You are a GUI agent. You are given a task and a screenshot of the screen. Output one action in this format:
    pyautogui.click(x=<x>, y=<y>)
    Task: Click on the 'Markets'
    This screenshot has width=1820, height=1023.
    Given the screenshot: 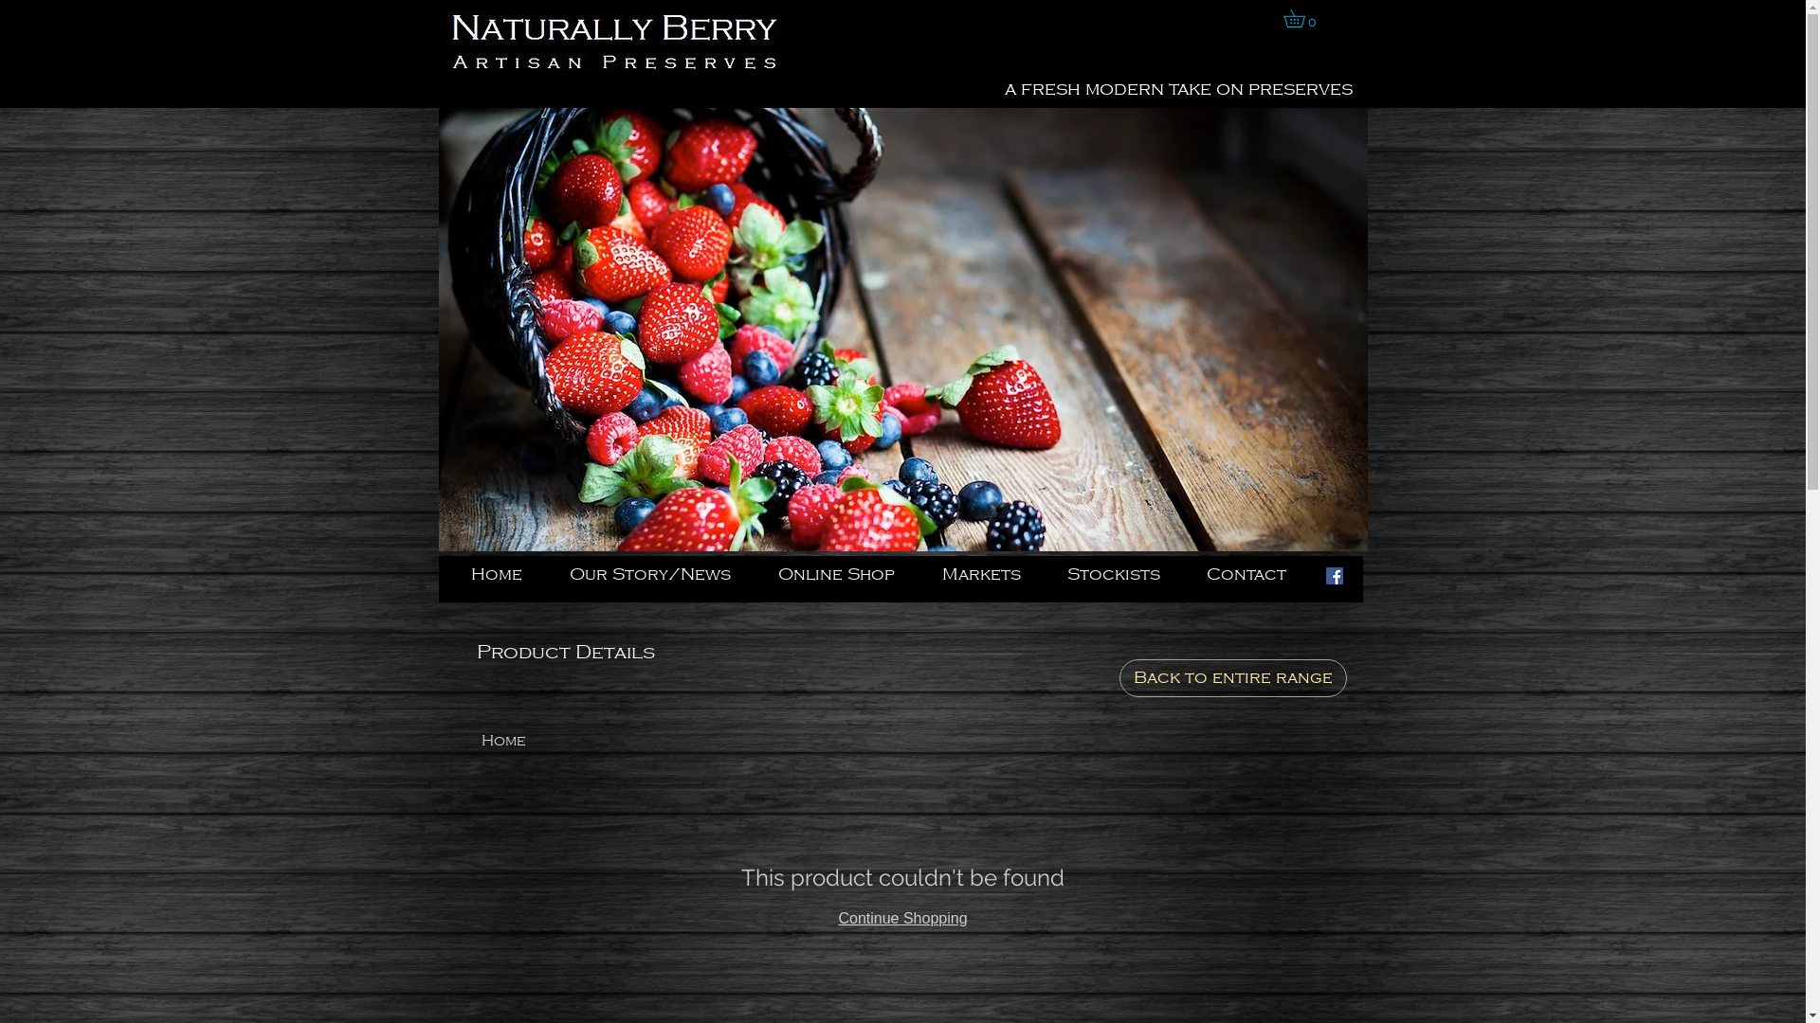 What is the action you would take?
    pyautogui.click(x=988, y=573)
    